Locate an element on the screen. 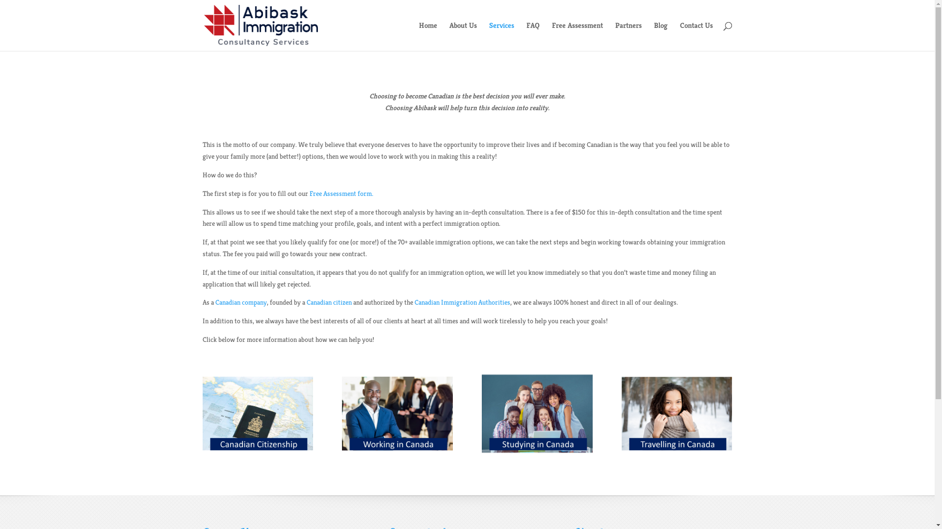 This screenshot has height=529, width=942. 'Free Assessment' is located at coordinates (577, 36).